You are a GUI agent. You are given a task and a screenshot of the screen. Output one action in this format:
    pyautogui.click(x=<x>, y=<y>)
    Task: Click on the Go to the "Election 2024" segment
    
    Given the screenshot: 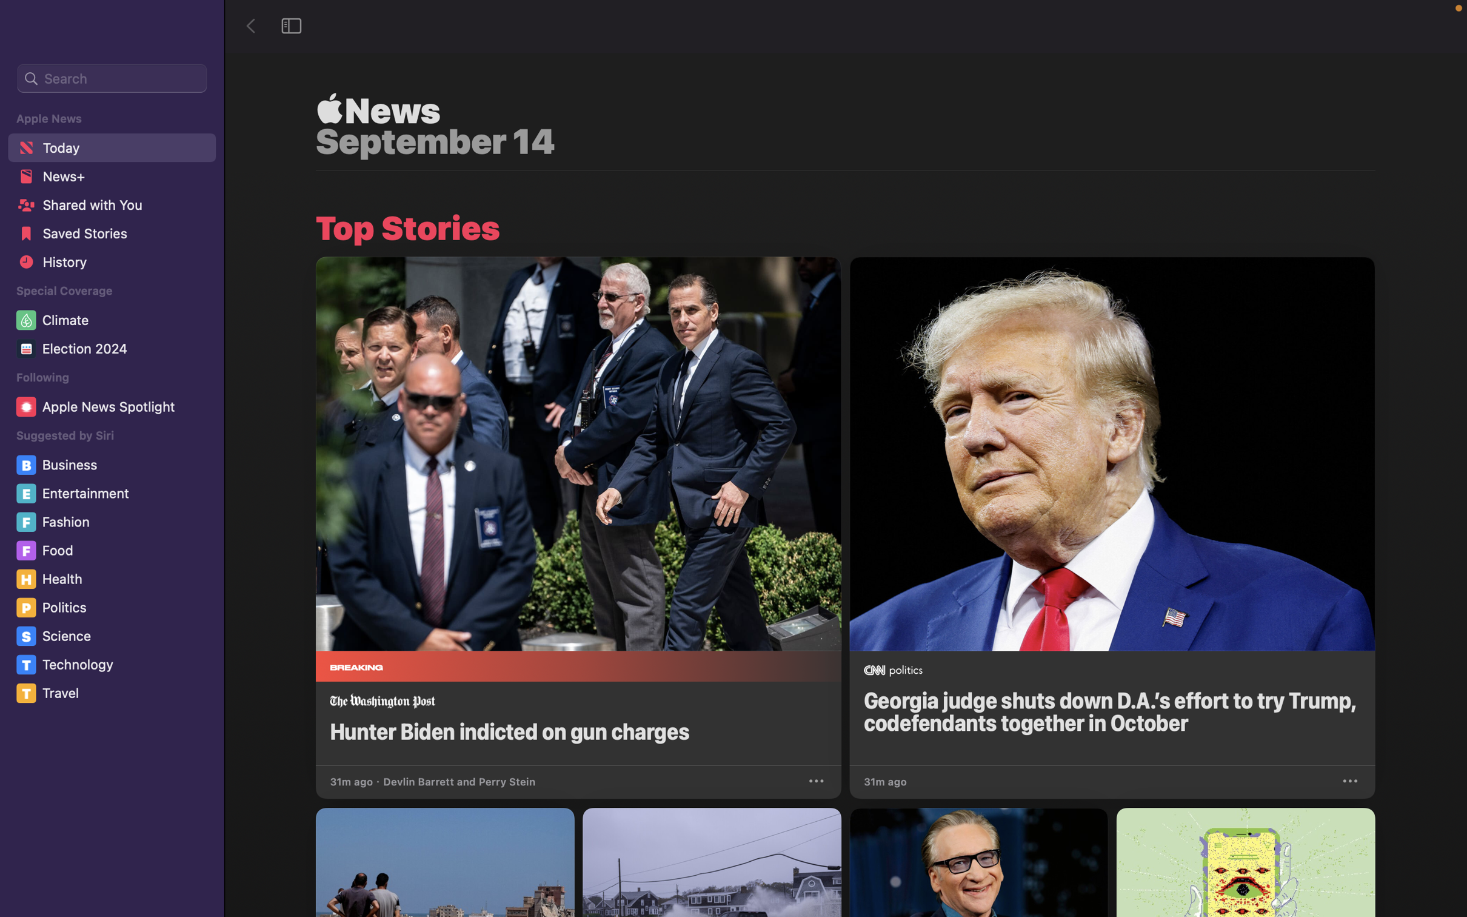 What is the action you would take?
    pyautogui.click(x=113, y=351)
    